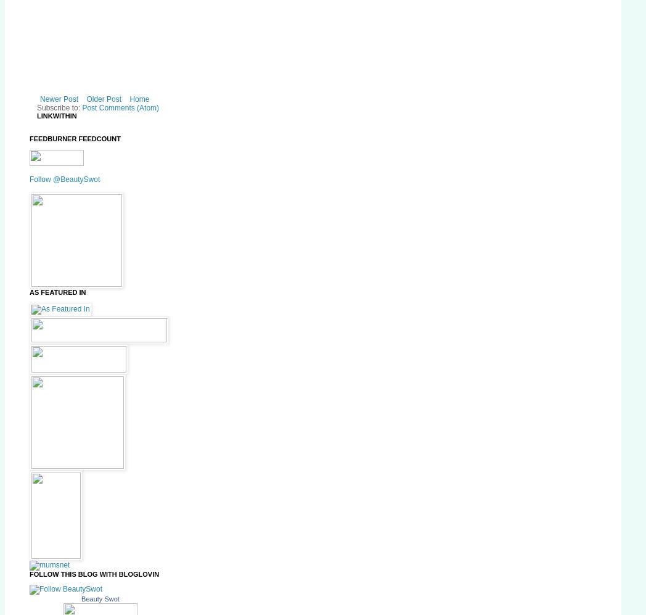  What do you see at coordinates (74, 139) in the screenshot?
I see `'FeedBurner FeedCount'` at bounding box center [74, 139].